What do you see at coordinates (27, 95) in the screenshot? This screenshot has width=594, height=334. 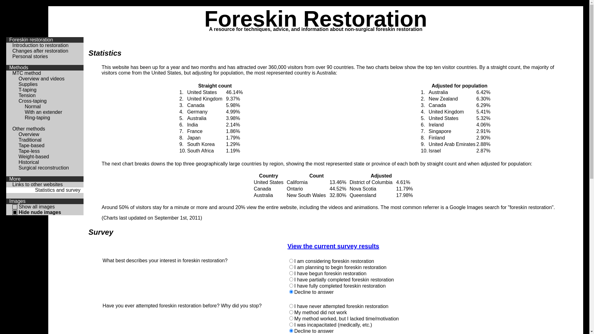 I see `'Tension'` at bounding box center [27, 95].